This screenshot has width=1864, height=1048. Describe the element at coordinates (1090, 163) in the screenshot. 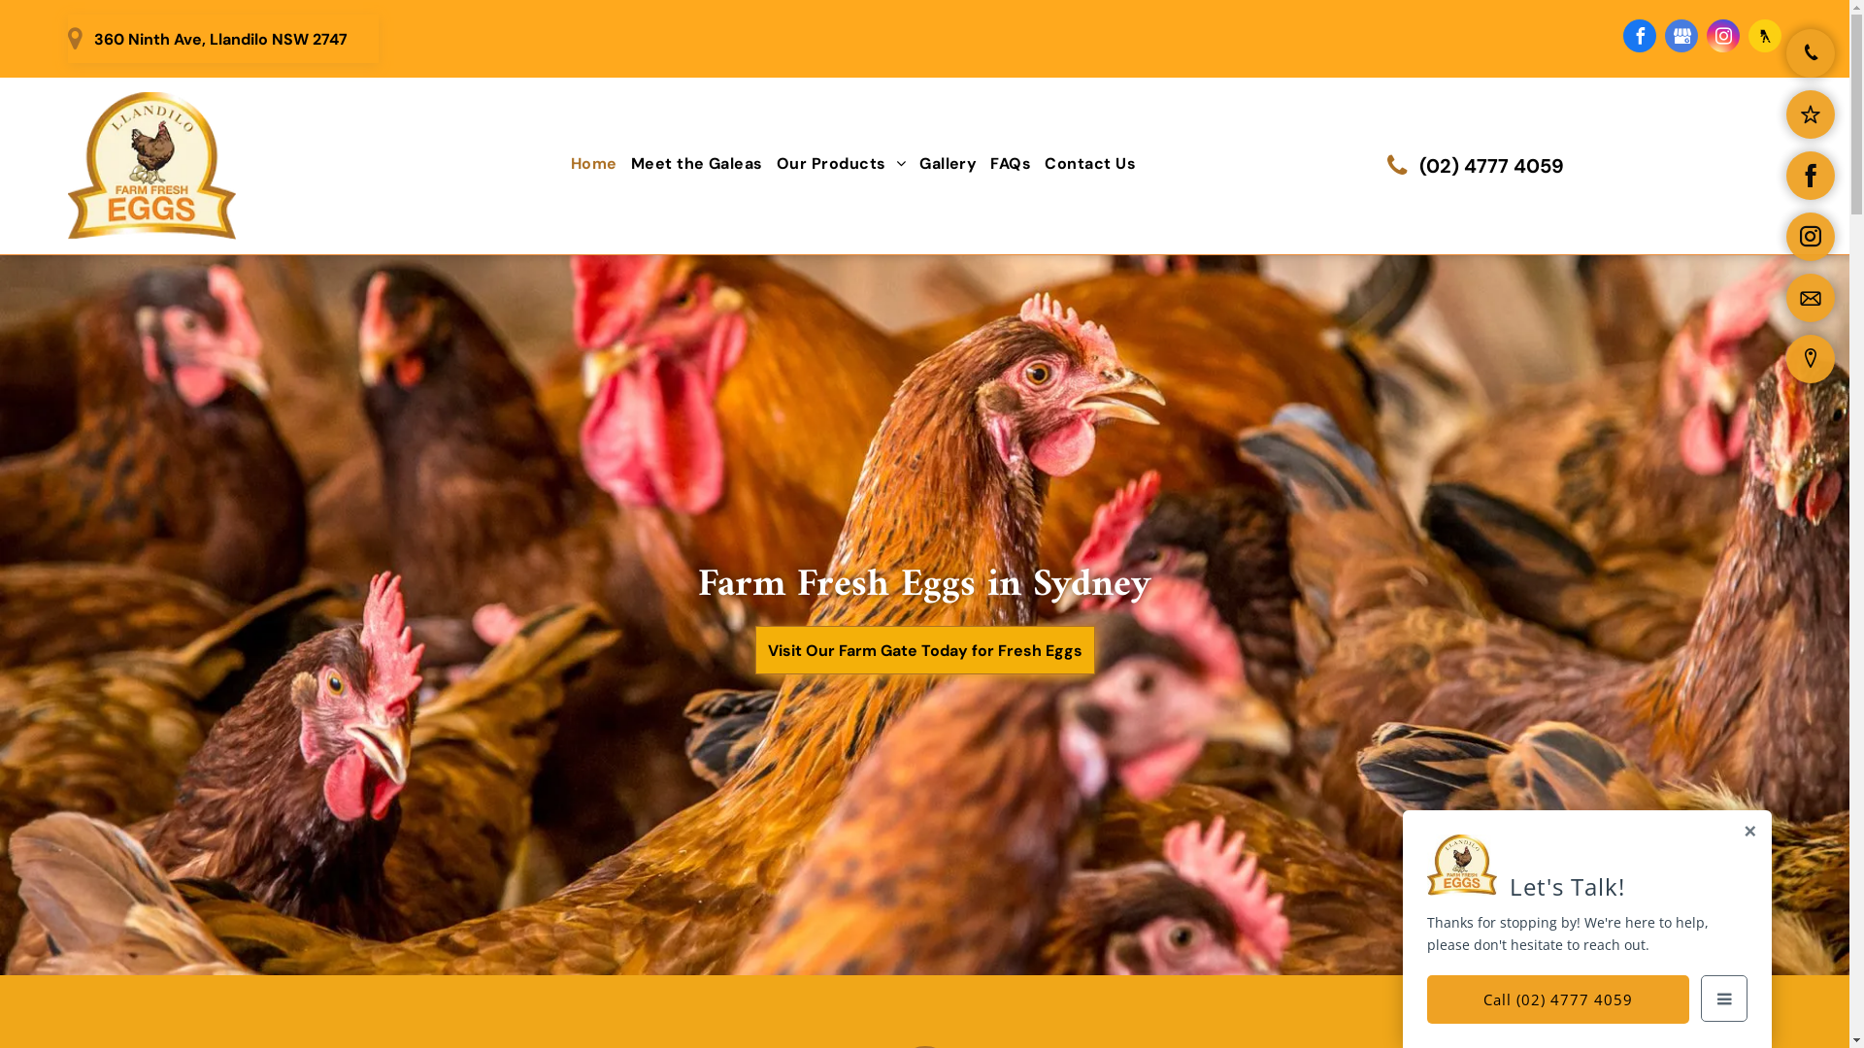

I see `'Contact Us'` at that location.